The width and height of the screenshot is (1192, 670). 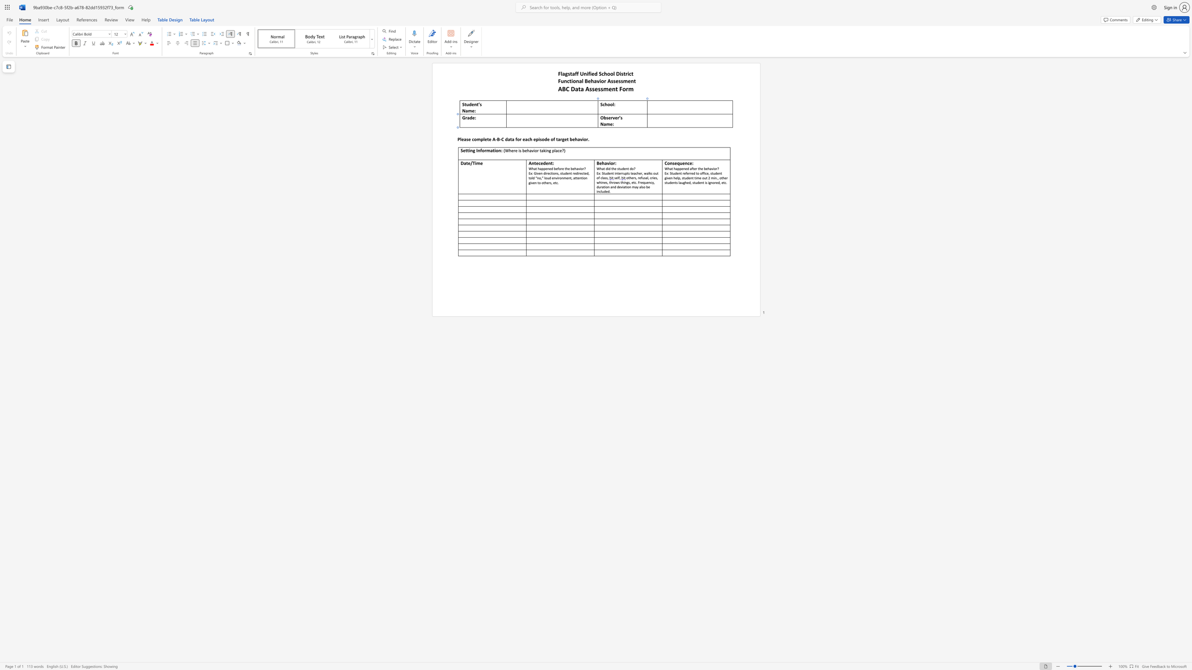 What do you see at coordinates (580, 139) in the screenshot?
I see `the 1th character "v" in the text` at bounding box center [580, 139].